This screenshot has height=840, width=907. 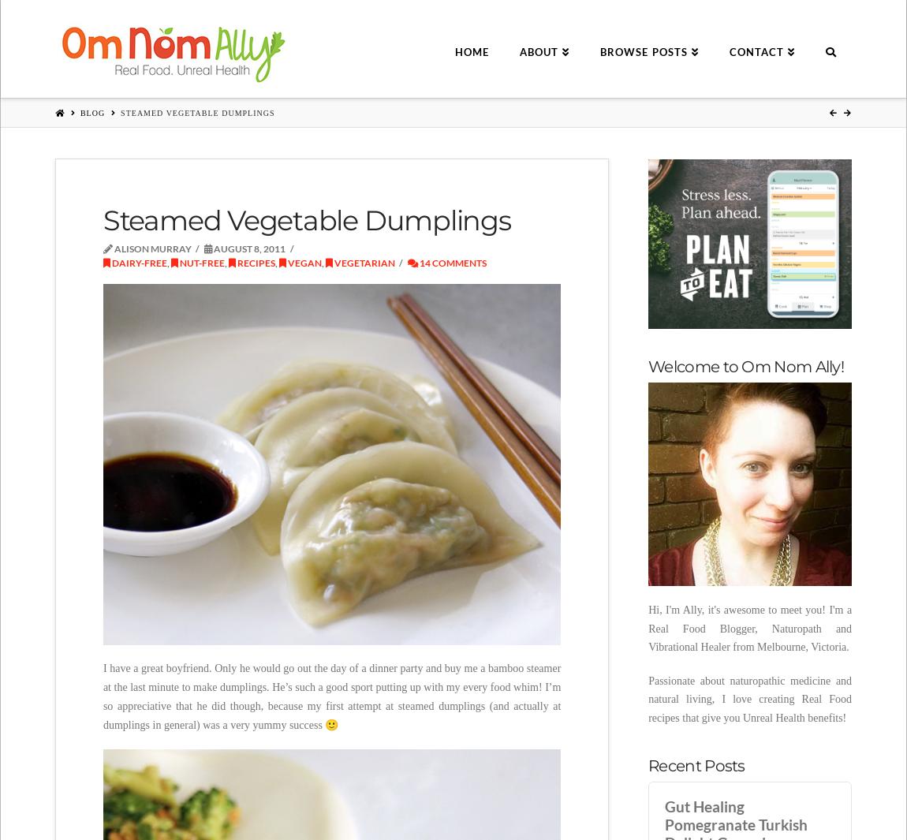 I want to click on 'Vegan', so click(x=286, y=261).